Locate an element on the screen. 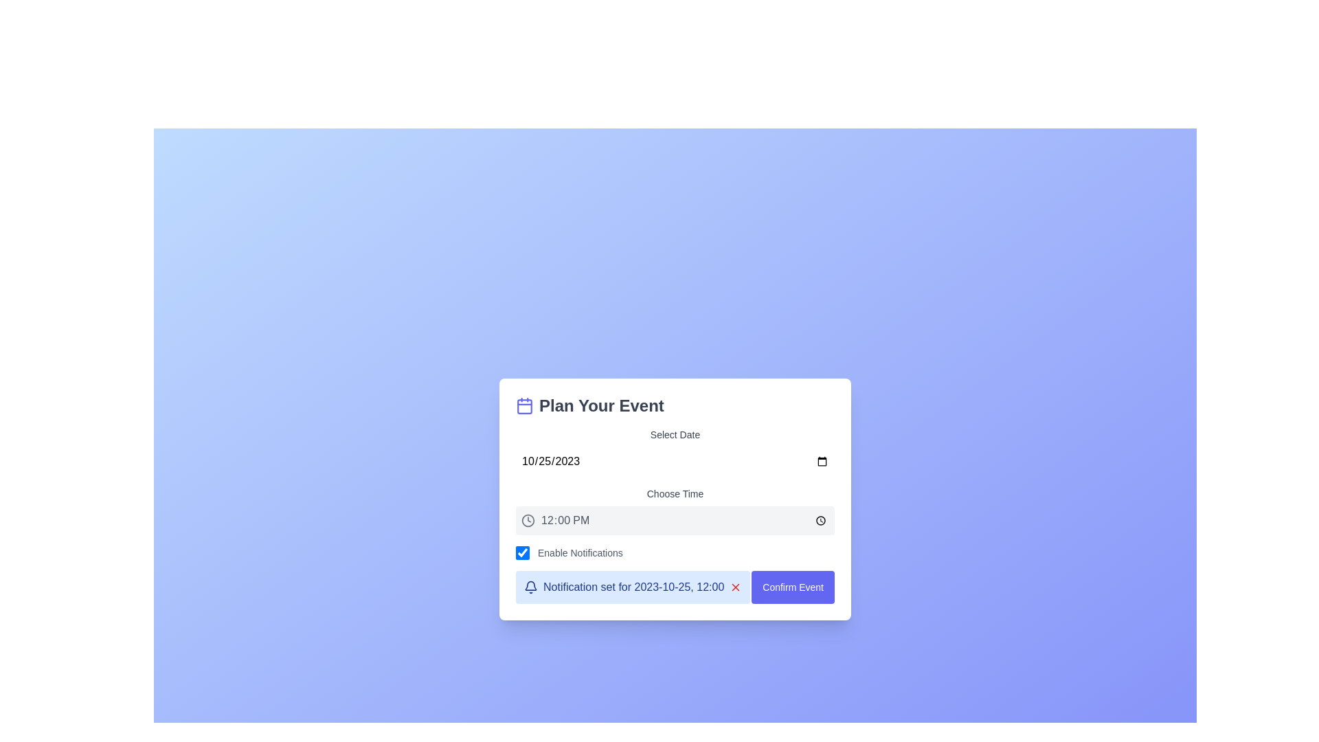  the static text label displaying the notification message 'Notification set for 2023-10-25, 12:00', which is styled in a blue font and located within a light-blue shaded box is located at coordinates (633, 587).